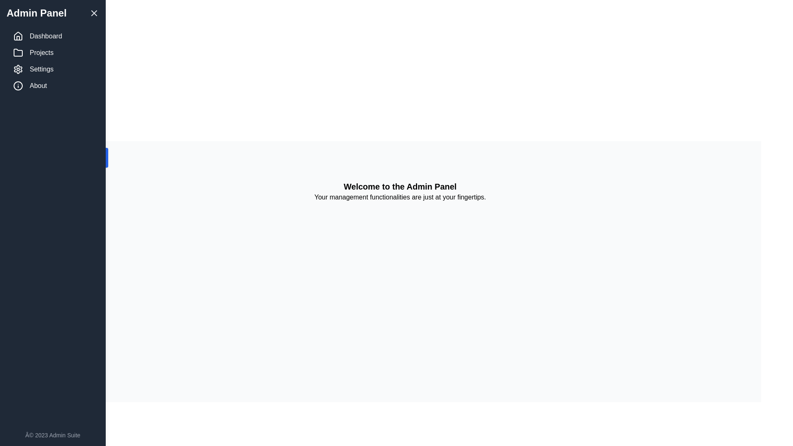  I want to click on the gear-like settings icon located in the navigation menu on the left sidebar of the Admin Panel interface, so click(18, 69).